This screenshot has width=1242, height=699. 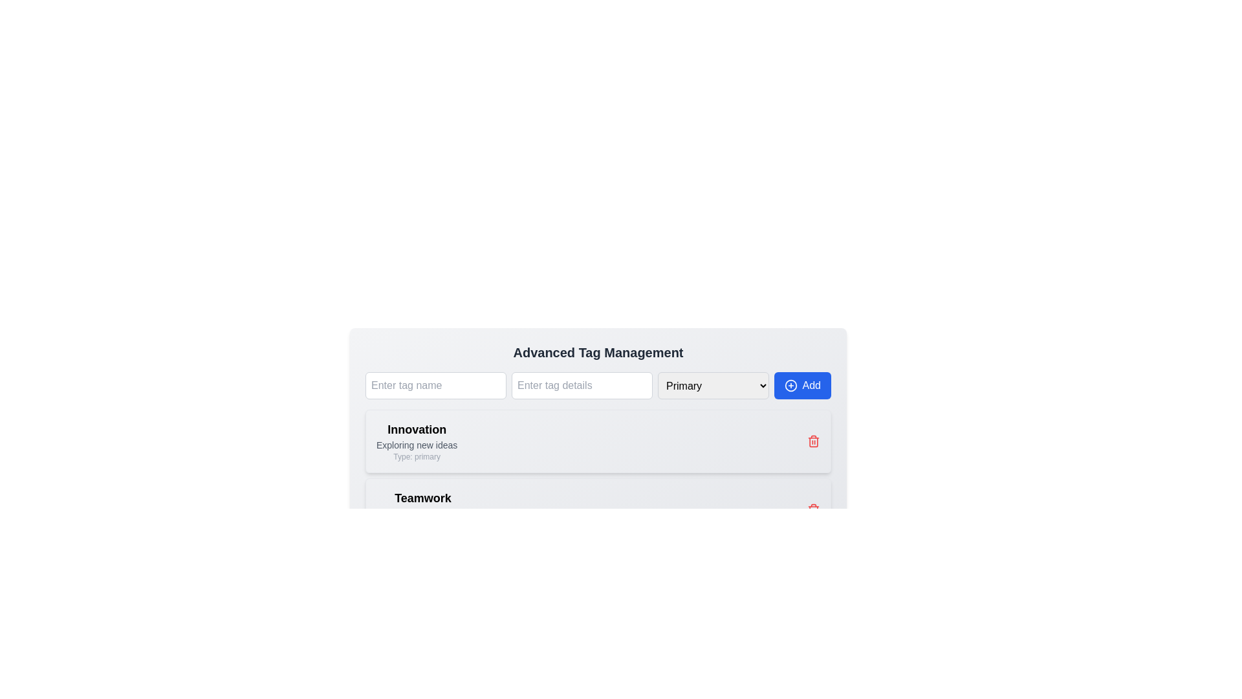 What do you see at coordinates (582, 385) in the screenshot?
I see `the text input field with placeholder text 'Enter tag details' to activate its focus styling` at bounding box center [582, 385].